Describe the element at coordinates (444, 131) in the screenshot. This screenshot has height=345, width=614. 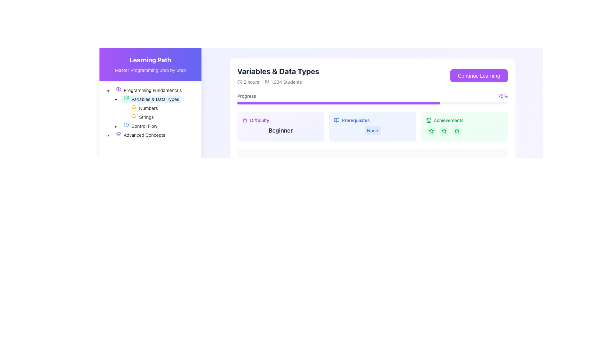
I see `the second green star icon in the Achievements section, which signifies an achievement or milestone, located between the first and third achievement icons` at that location.